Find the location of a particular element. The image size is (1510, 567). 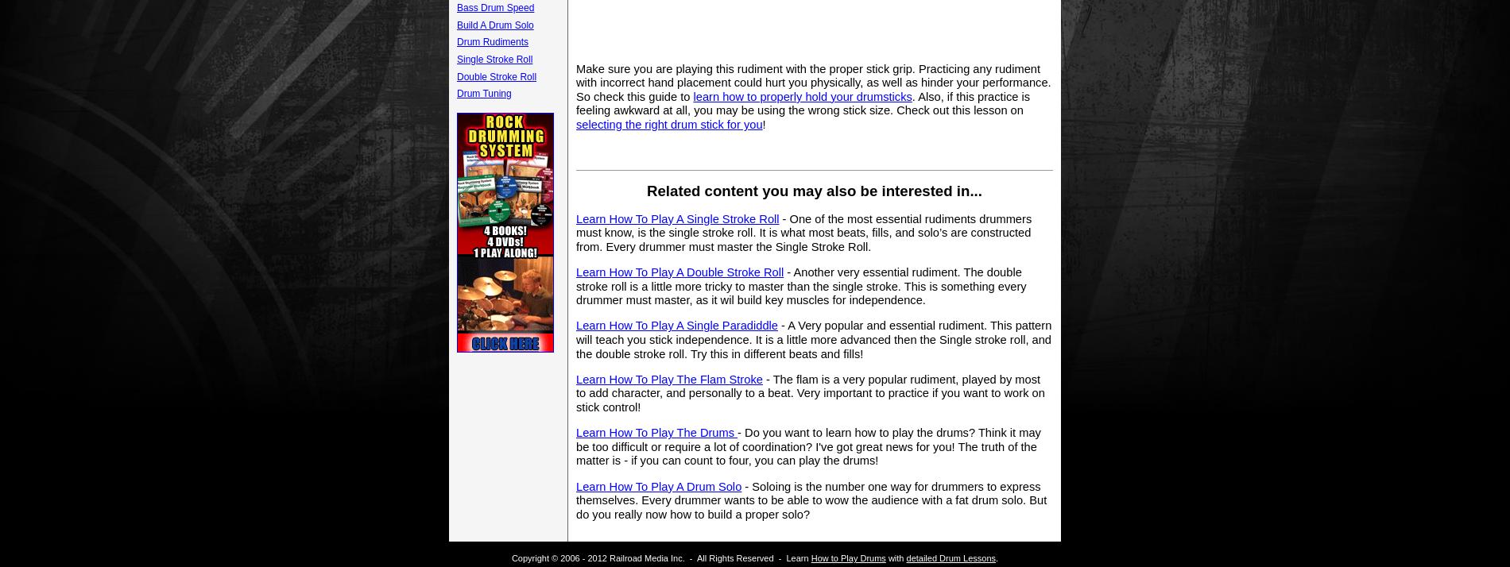

'Learn How To Play A Drum Solo' is located at coordinates (657, 484).